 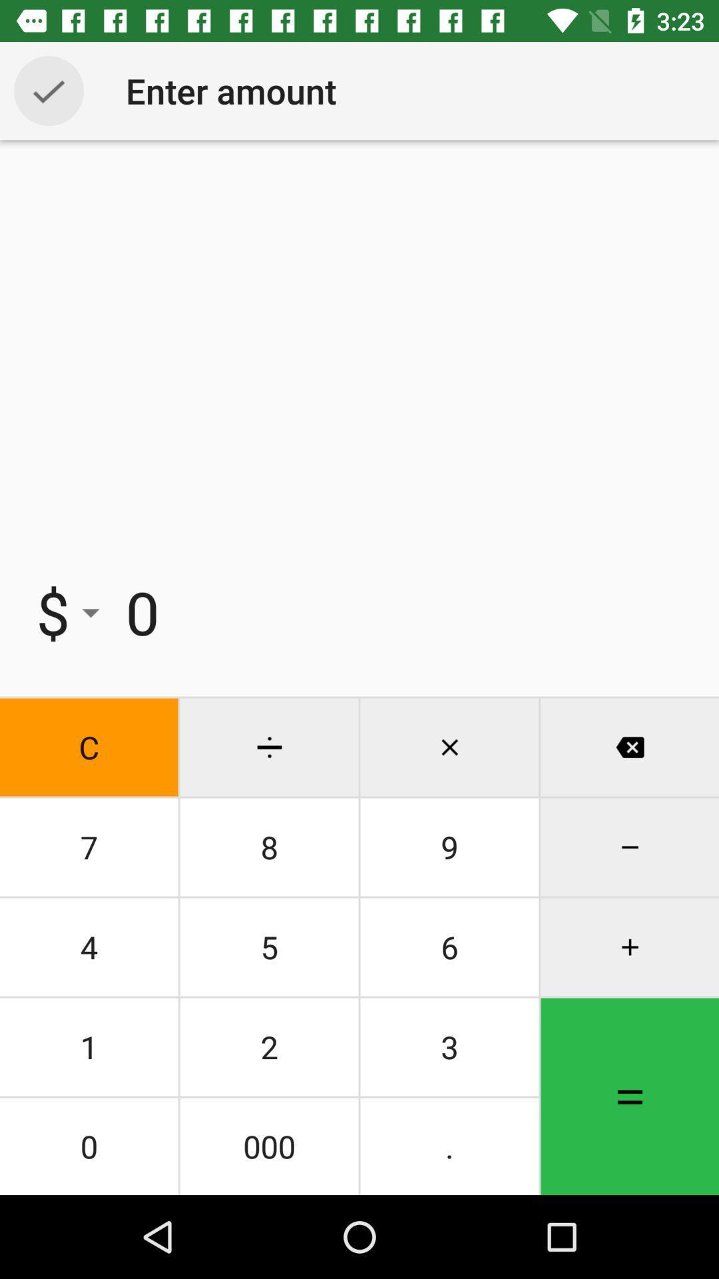 What do you see at coordinates (269, 946) in the screenshot?
I see `the 5` at bounding box center [269, 946].